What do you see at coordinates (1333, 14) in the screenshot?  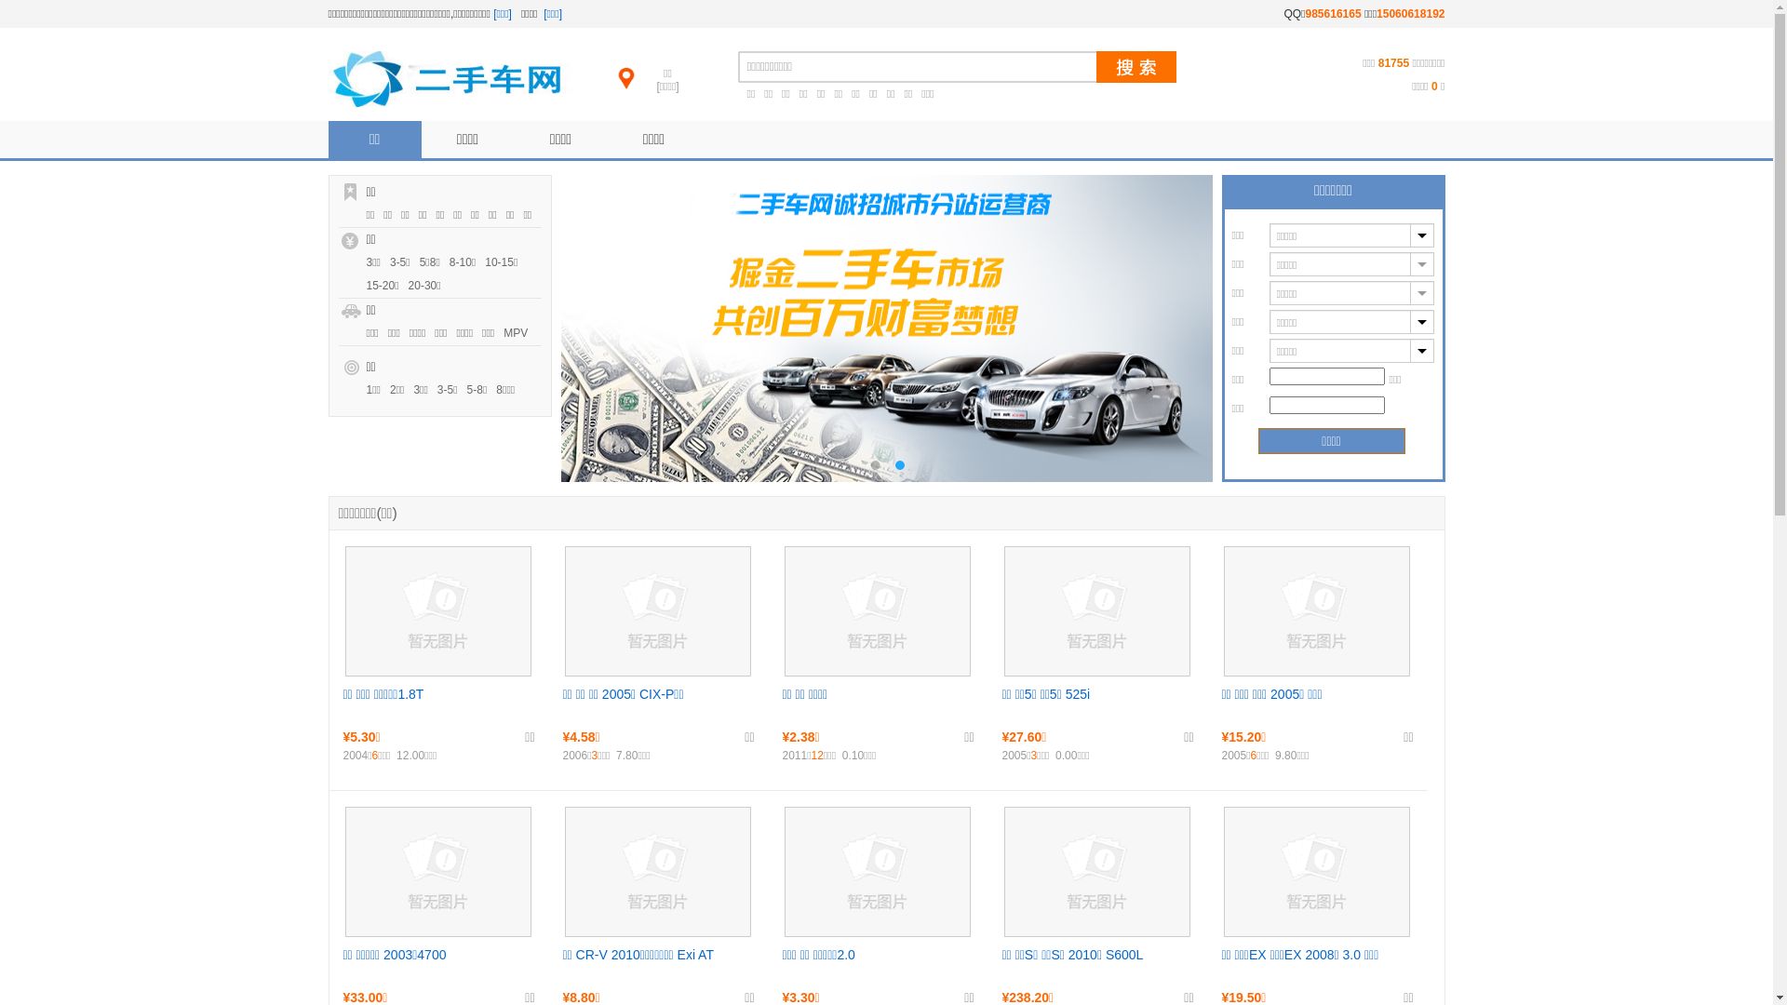 I see `'985616165'` at bounding box center [1333, 14].